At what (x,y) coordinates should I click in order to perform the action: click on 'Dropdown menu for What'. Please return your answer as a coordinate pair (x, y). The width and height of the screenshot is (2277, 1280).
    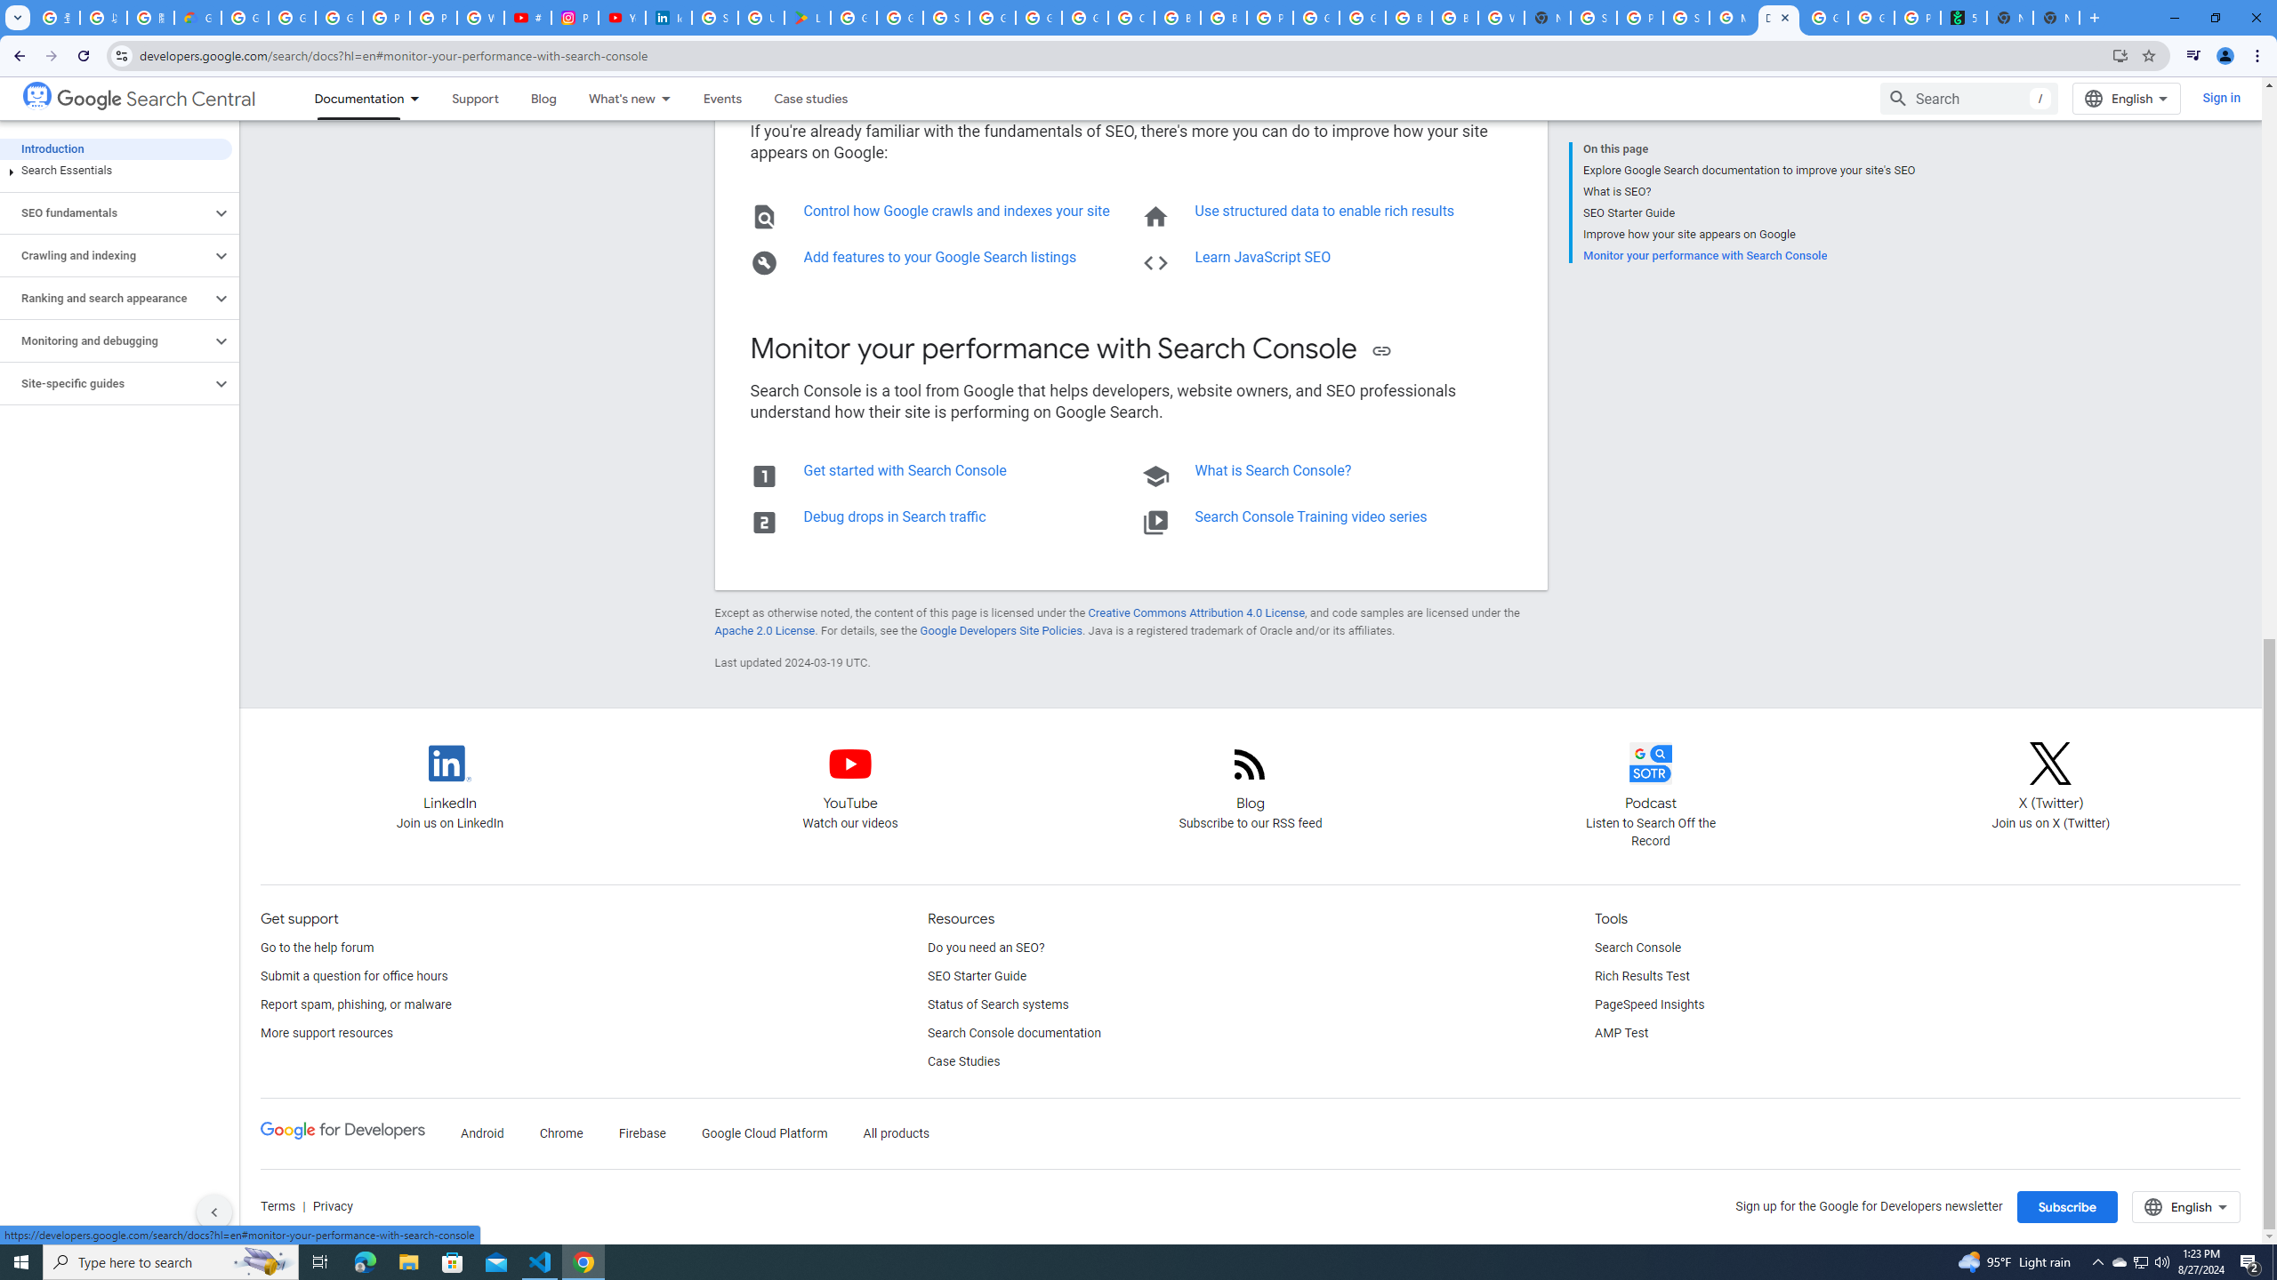
    Looking at the image, I should click on (671, 98).